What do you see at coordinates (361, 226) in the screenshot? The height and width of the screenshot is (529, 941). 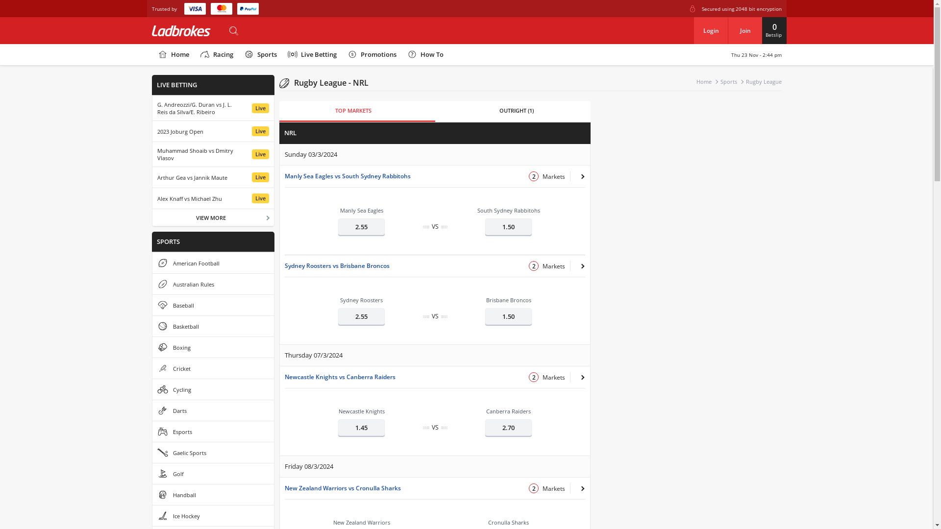 I see `'2.55'` at bounding box center [361, 226].